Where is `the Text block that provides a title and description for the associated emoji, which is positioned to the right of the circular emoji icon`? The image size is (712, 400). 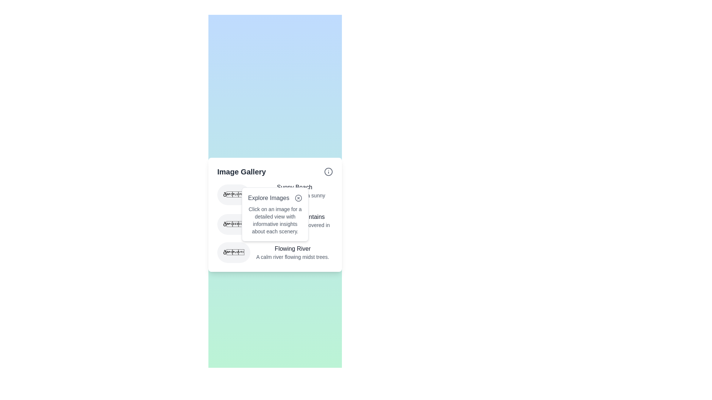
the Text block that provides a title and description for the associated emoji, which is positioned to the right of the circular emoji icon is located at coordinates (294, 194).